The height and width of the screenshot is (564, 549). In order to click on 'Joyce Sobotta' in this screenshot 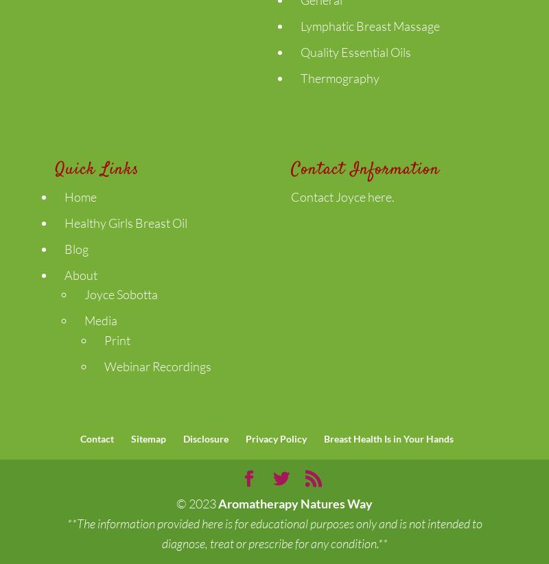, I will do `click(120, 294)`.